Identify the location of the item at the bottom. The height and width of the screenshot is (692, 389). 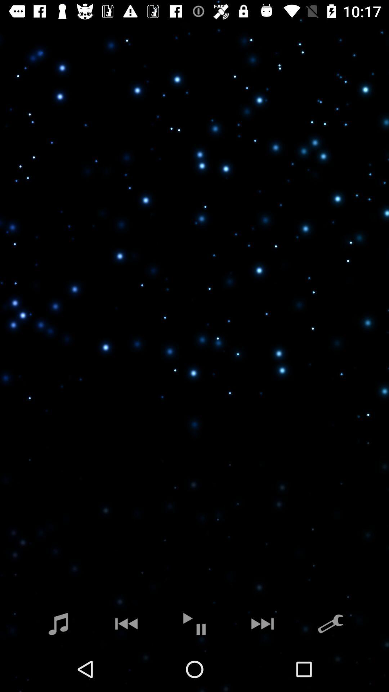
(194, 624).